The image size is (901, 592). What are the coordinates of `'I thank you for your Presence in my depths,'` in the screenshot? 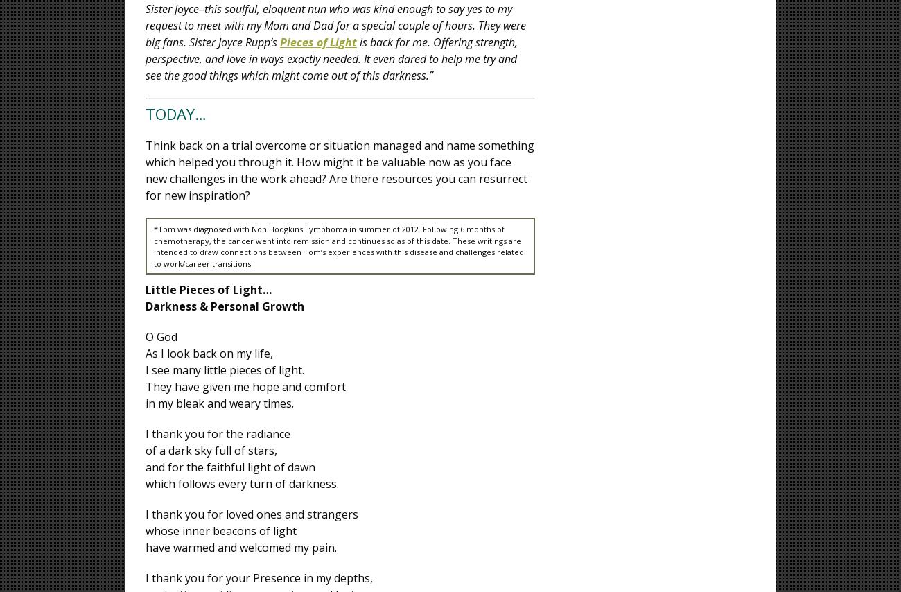 It's located at (259, 578).